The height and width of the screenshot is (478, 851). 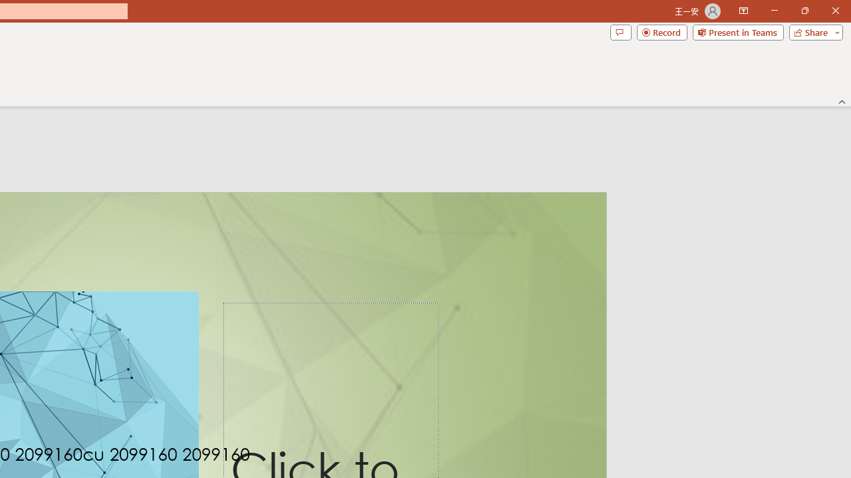 What do you see at coordinates (662, 31) in the screenshot?
I see `'Record'` at bounding box center [662, 31].